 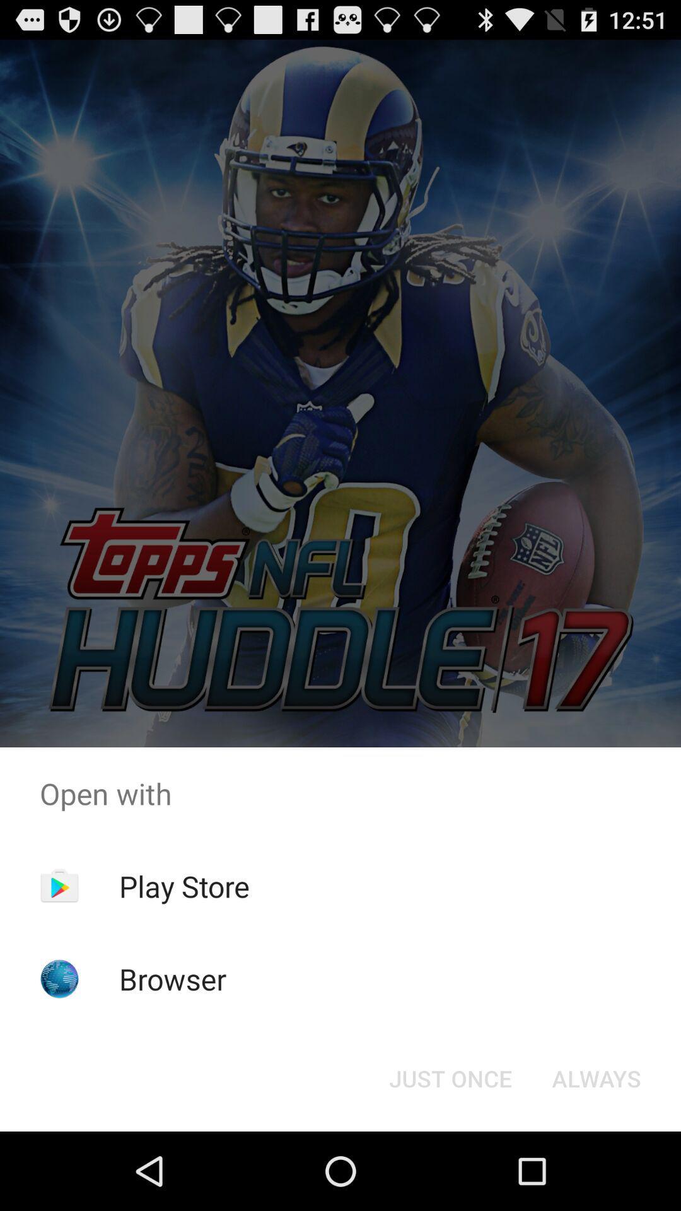 I want to click on item next to the just once item, so click(x=596, y=1077).